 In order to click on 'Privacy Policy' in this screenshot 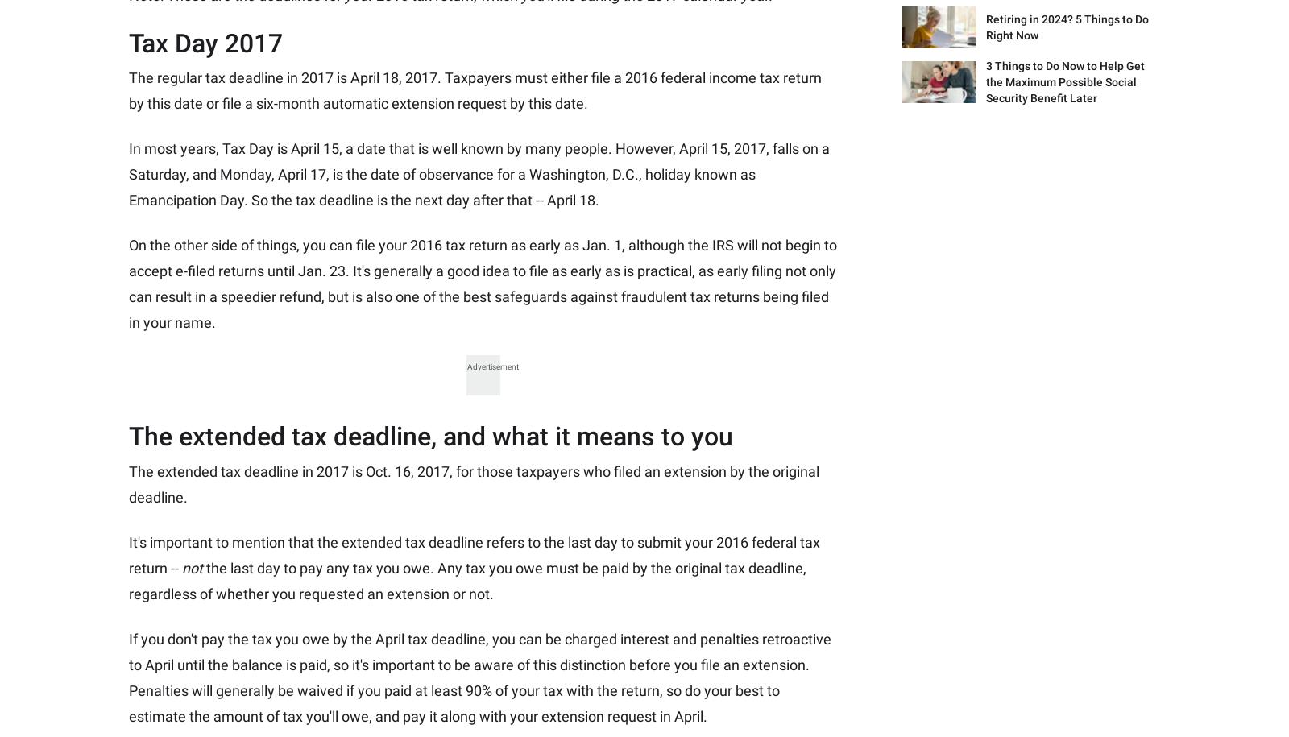, I will do `click(271, 414)`.